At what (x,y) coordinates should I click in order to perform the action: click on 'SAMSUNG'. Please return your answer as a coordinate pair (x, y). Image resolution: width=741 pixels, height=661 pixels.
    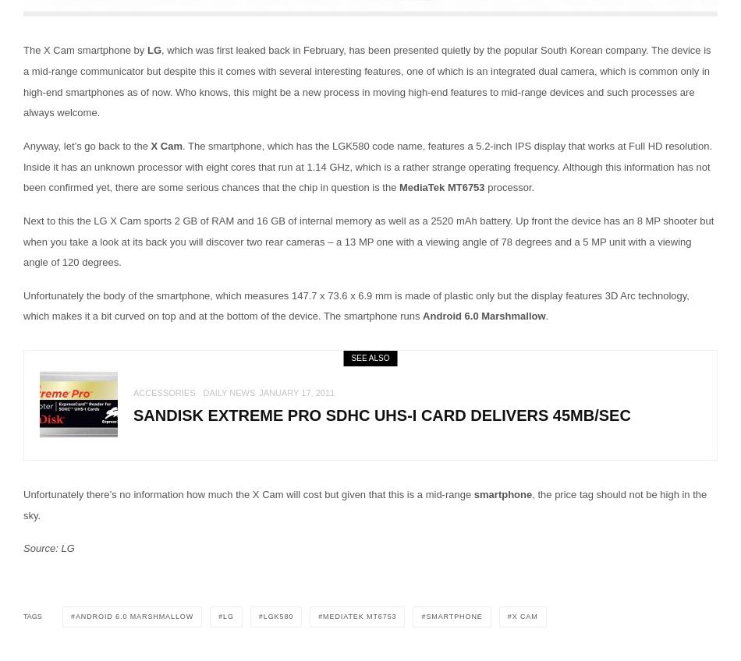
    Looking at the image, I should click on (211, 76).